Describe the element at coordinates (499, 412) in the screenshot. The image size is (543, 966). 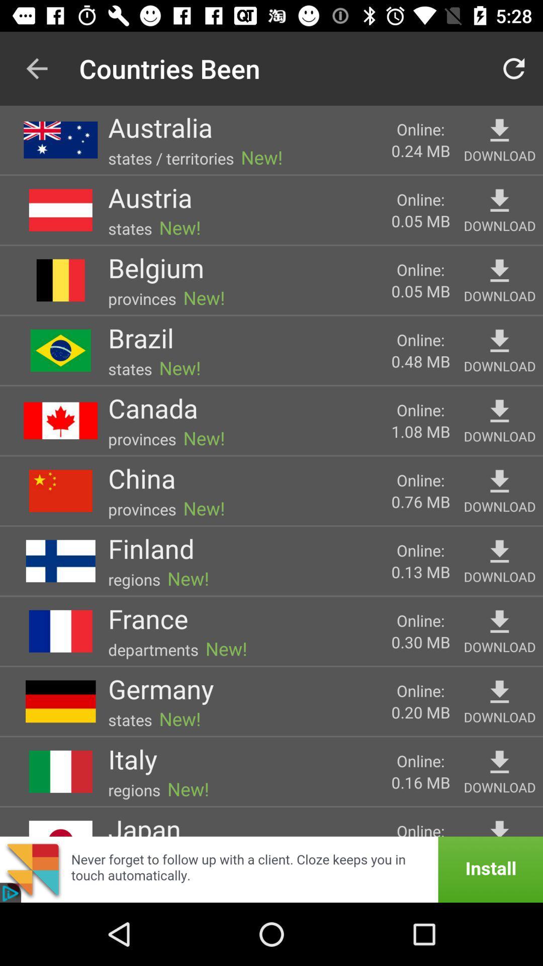
I see `download canada map` at that location.